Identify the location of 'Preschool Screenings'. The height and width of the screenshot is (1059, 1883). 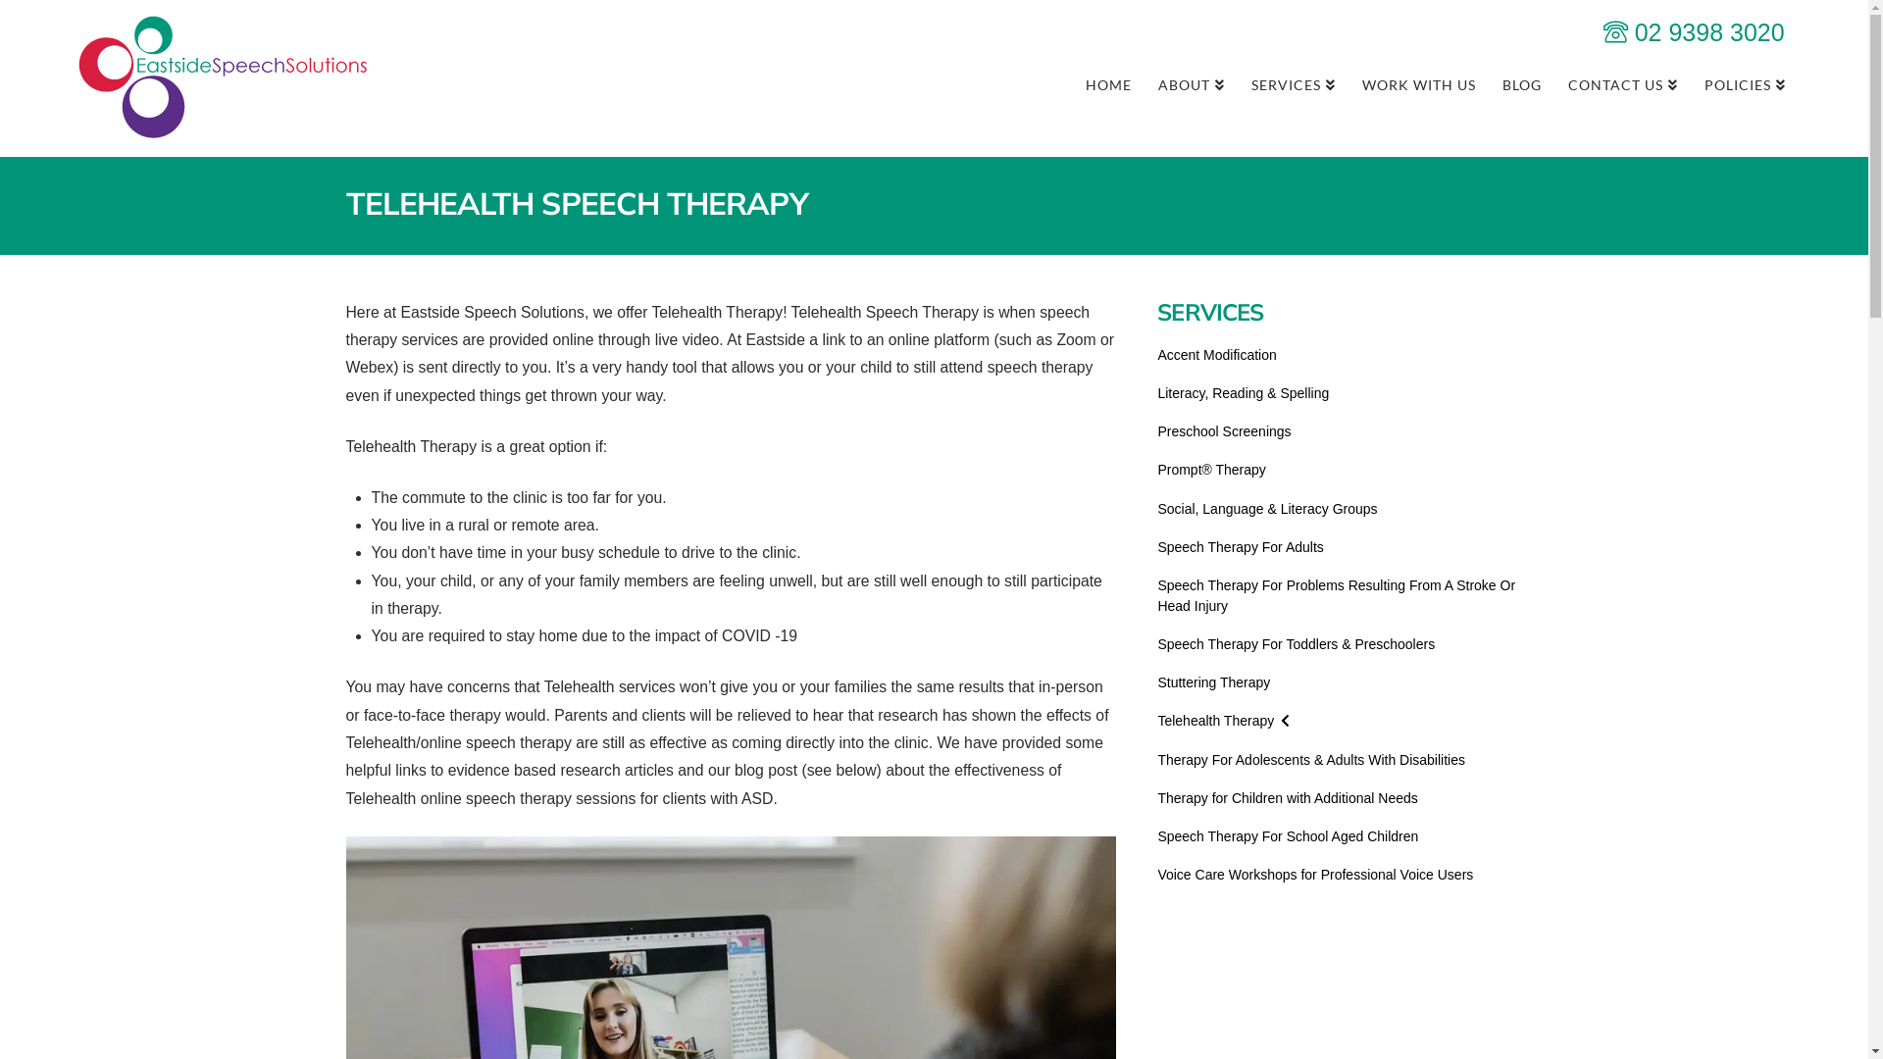
(1223, 430).